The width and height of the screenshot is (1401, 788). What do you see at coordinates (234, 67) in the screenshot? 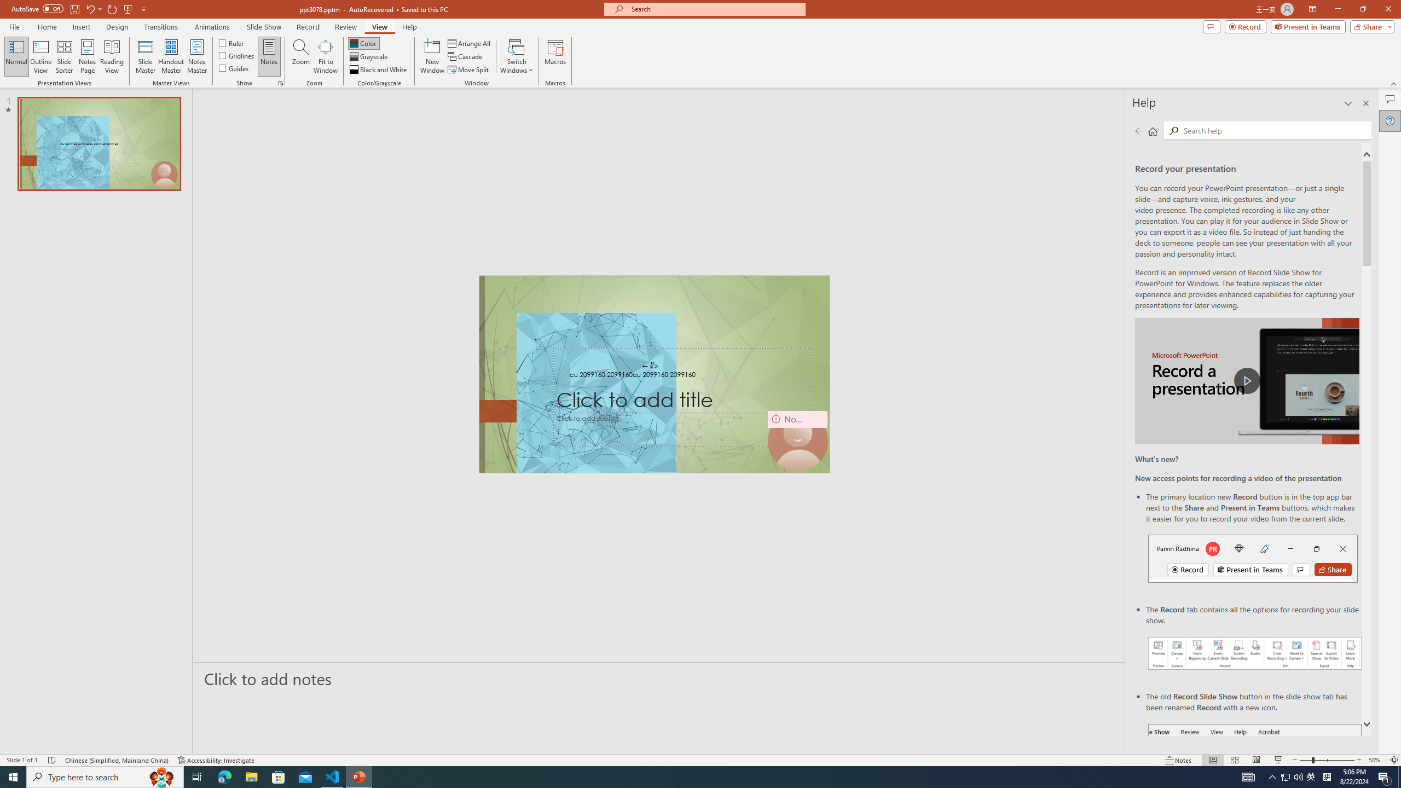
I see `'Guides'` at bounding box center [234, 67].